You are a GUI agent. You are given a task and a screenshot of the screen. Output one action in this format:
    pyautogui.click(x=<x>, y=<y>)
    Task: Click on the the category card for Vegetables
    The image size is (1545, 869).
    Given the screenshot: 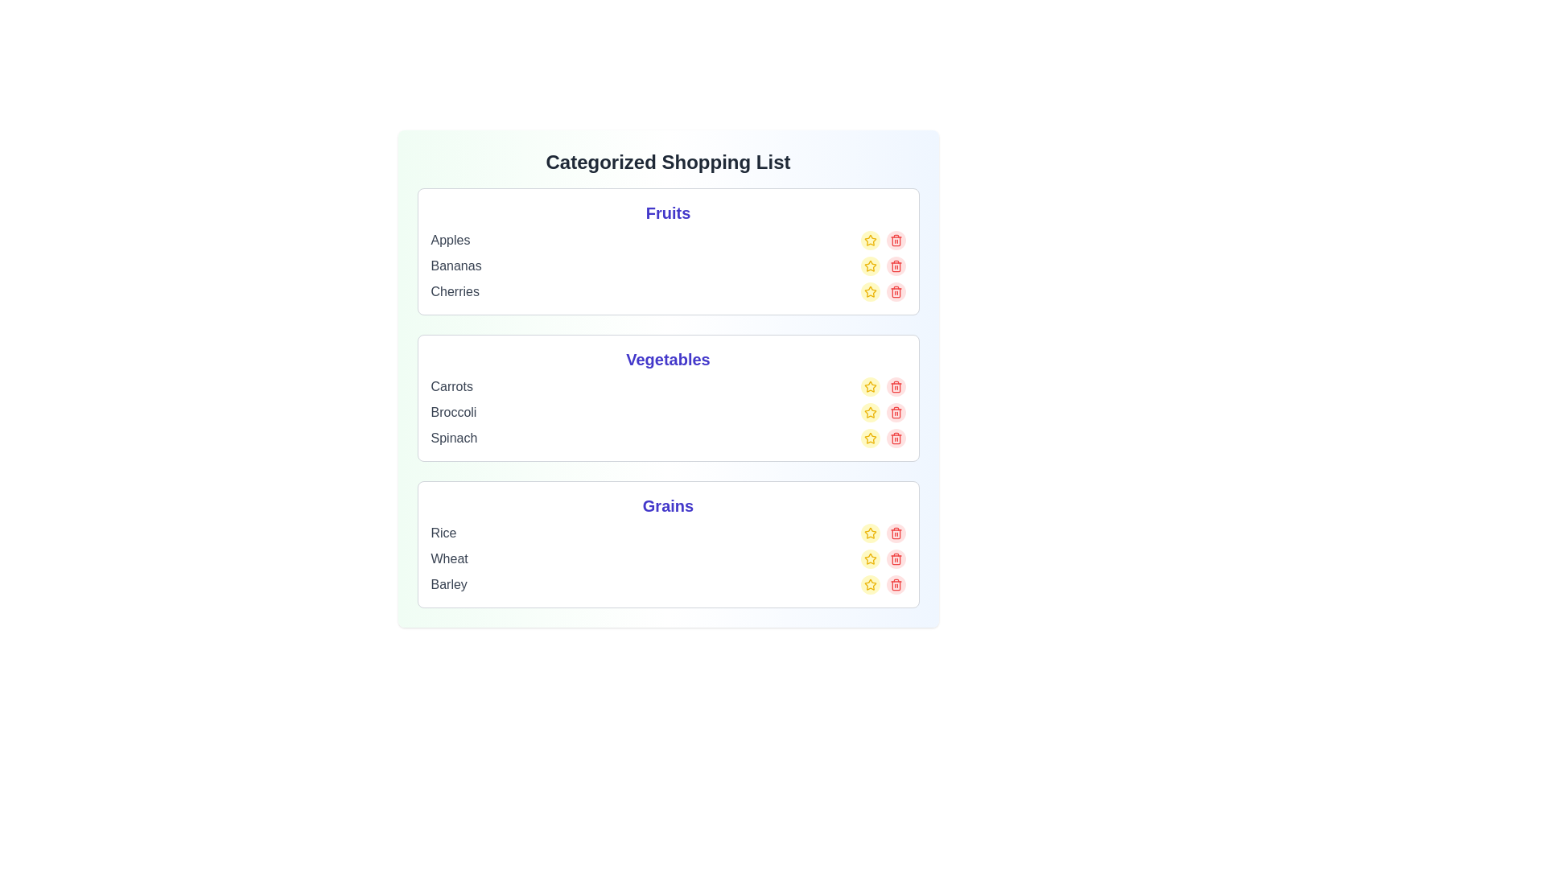 What is the action you would take?
    pyautogui.click(x=668, y=397)
    